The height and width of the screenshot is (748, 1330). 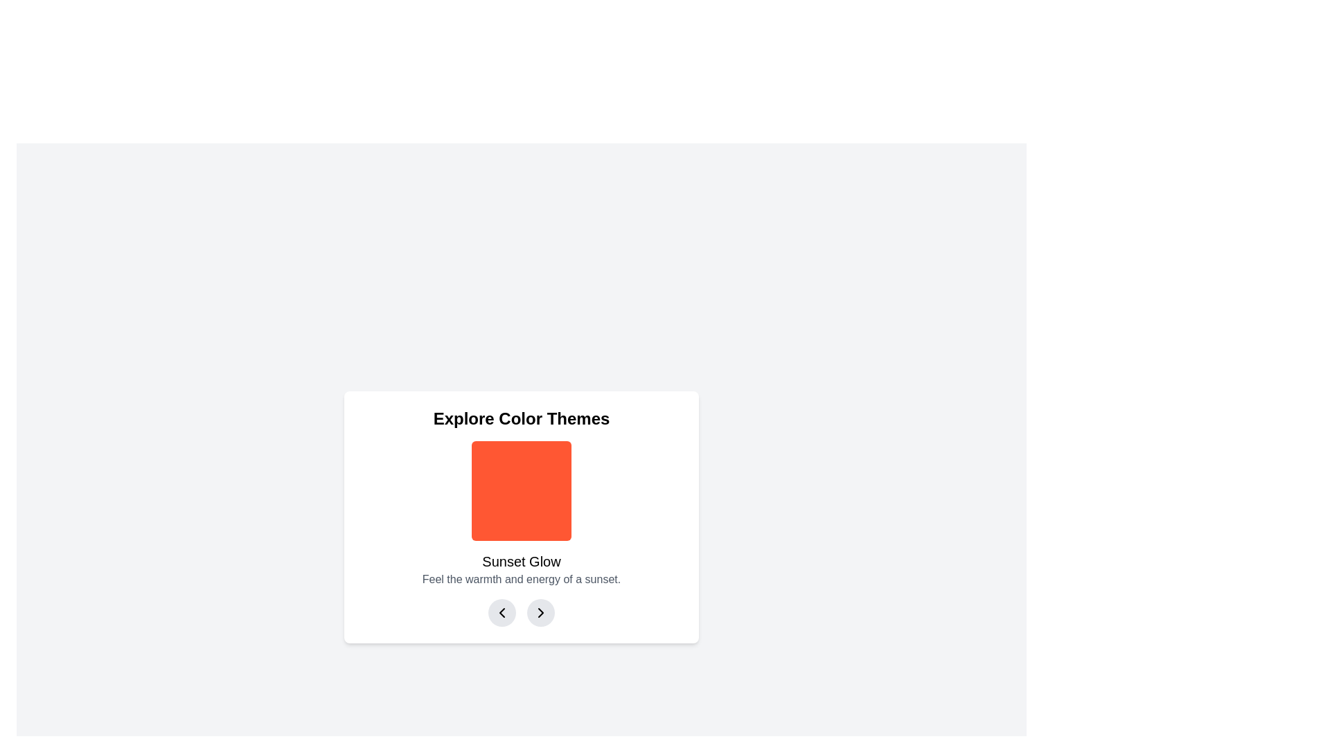 I want to click on the leftmost navigation button that allows users to move to the previous item or page to visualize hover effects, so click(x=501, y=612).